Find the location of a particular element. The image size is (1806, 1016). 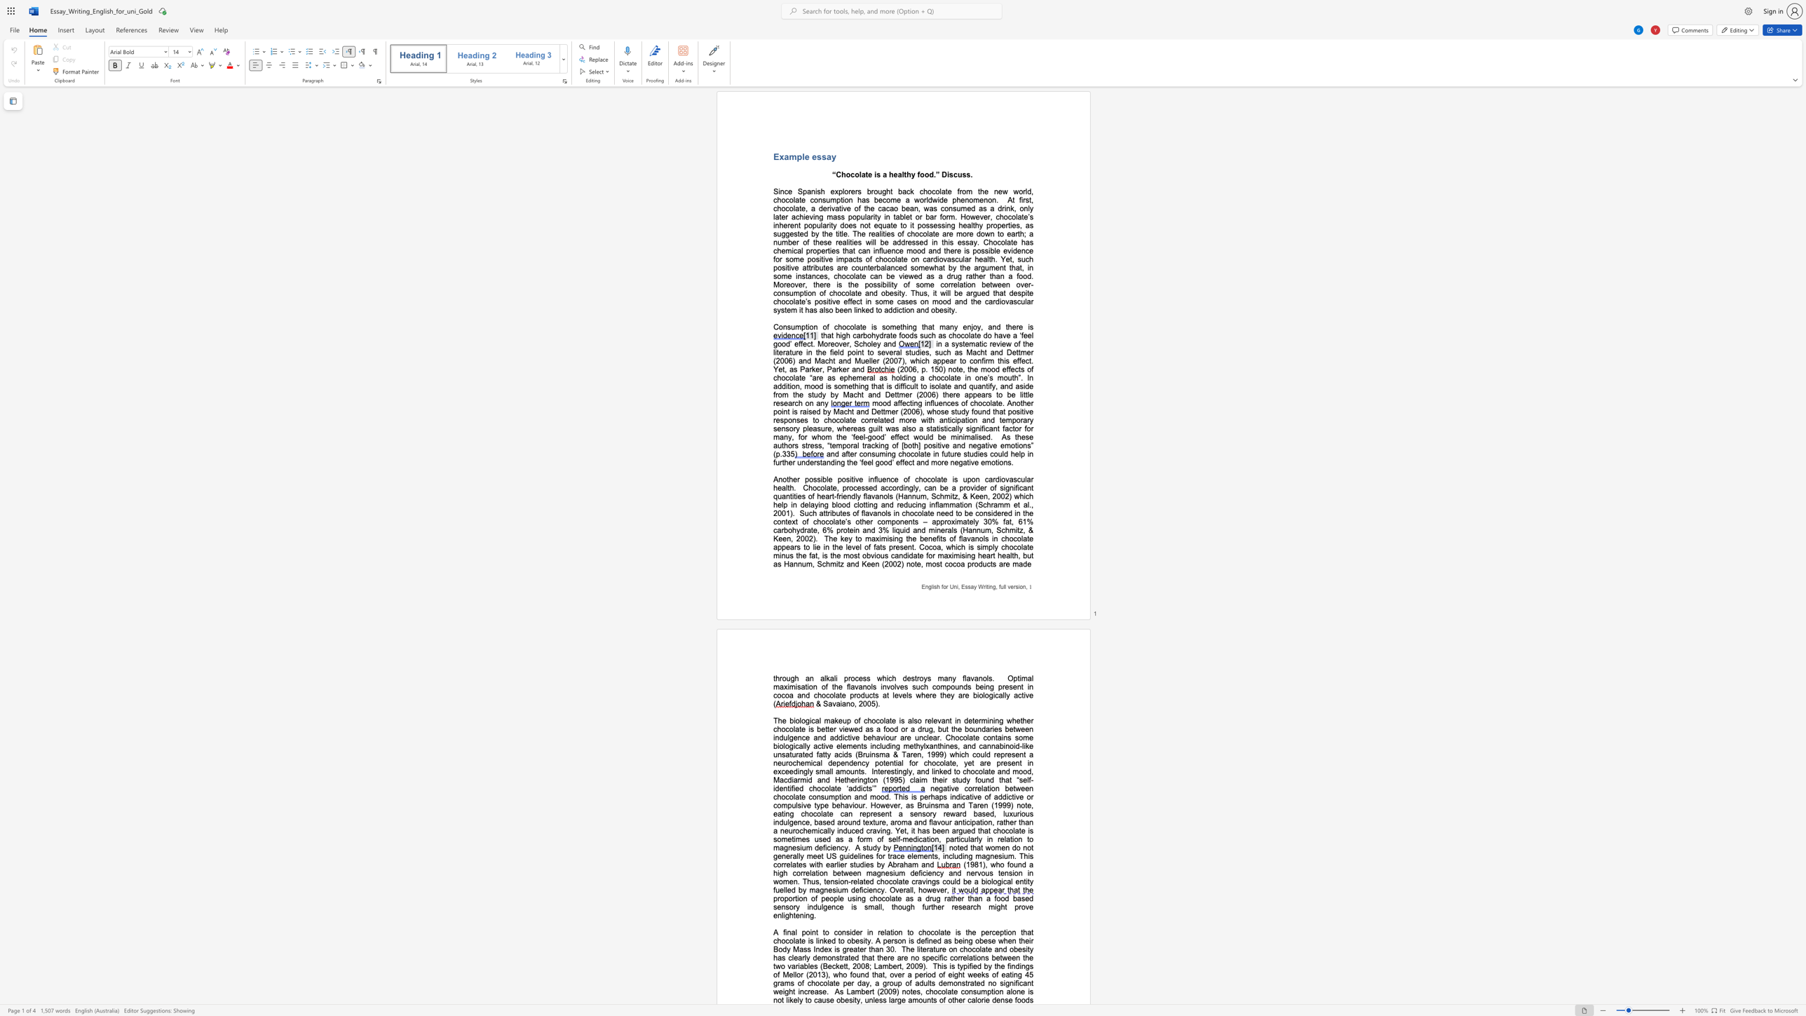

the subset text "o cause obesity" within the text "As Lambert (2009) notes, chocolate consumption alone is not likely to cause obesity, unless" is located at coordinates (806, 1000).